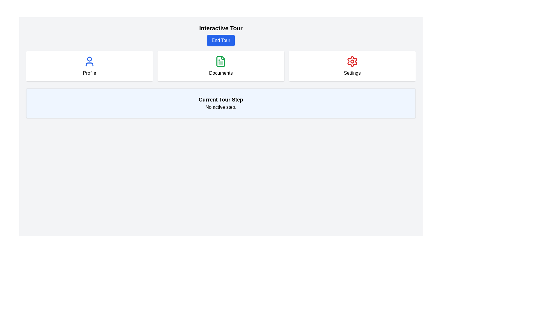  I want to click on the button that ends the interactive tour, located centrally below the 'Interactive Tour' text, so click(220, 40).